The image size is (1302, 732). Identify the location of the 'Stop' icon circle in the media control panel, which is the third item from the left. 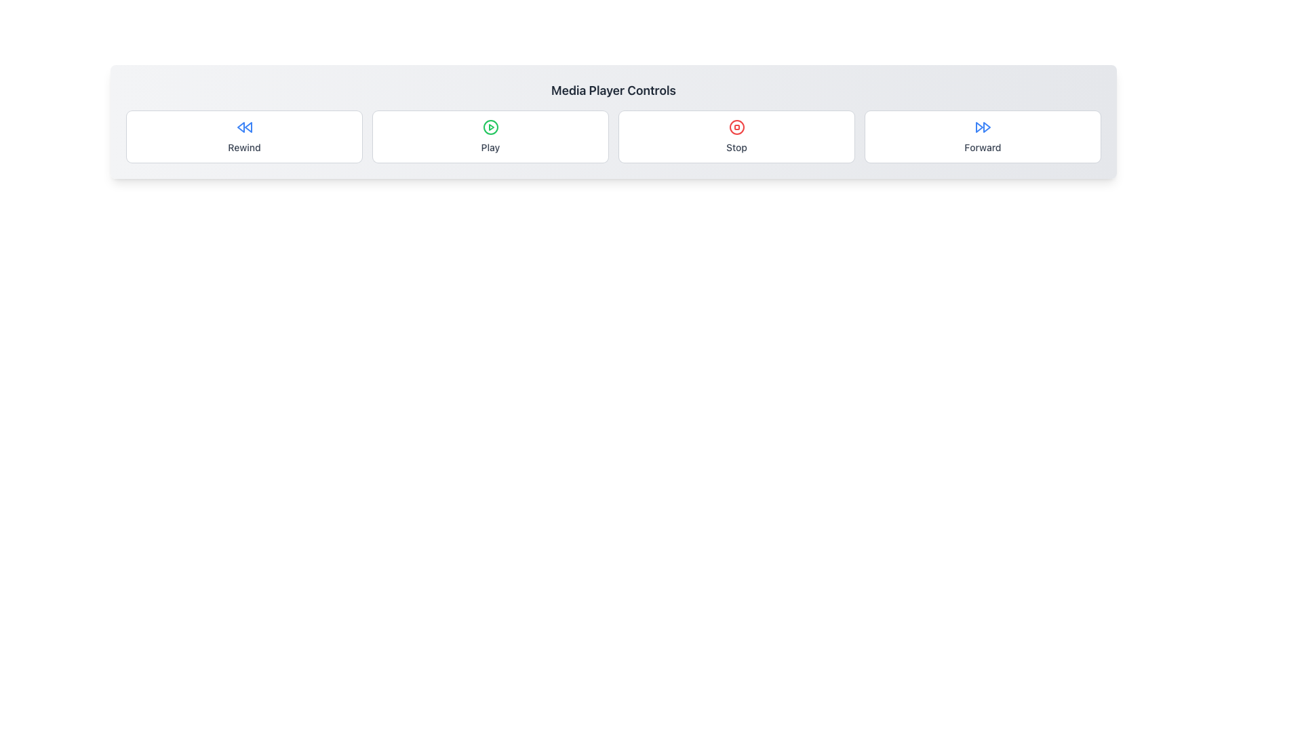
(736, 127).